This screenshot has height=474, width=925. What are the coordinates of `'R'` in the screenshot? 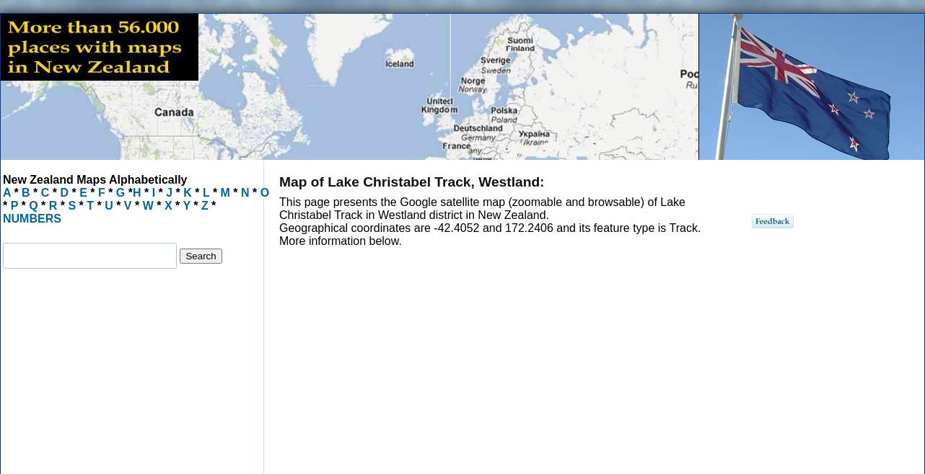 It's located at (48, 205).